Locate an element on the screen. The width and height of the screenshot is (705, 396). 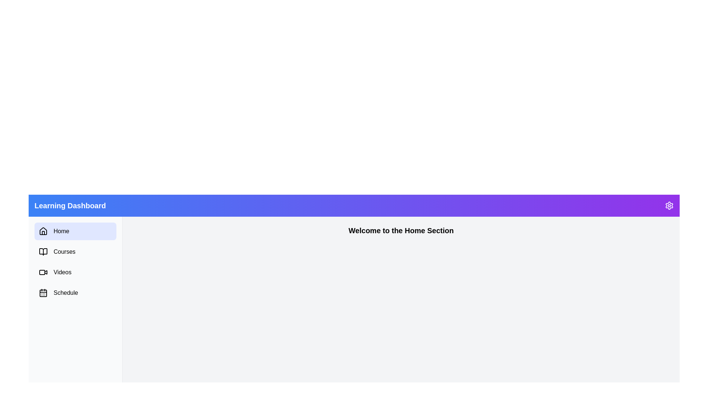
the fourth button in the vertical sidebar navigation menu is located at coordinates (75, 292).